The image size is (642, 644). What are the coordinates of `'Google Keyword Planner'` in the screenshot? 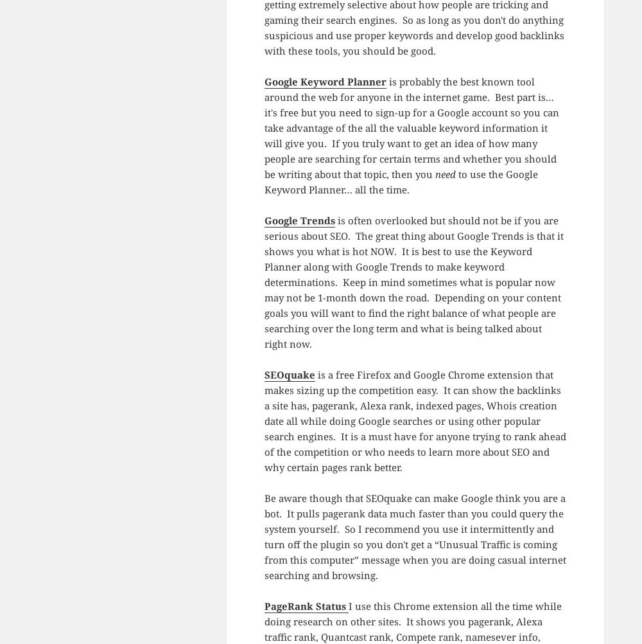 It's located at (325, 80).